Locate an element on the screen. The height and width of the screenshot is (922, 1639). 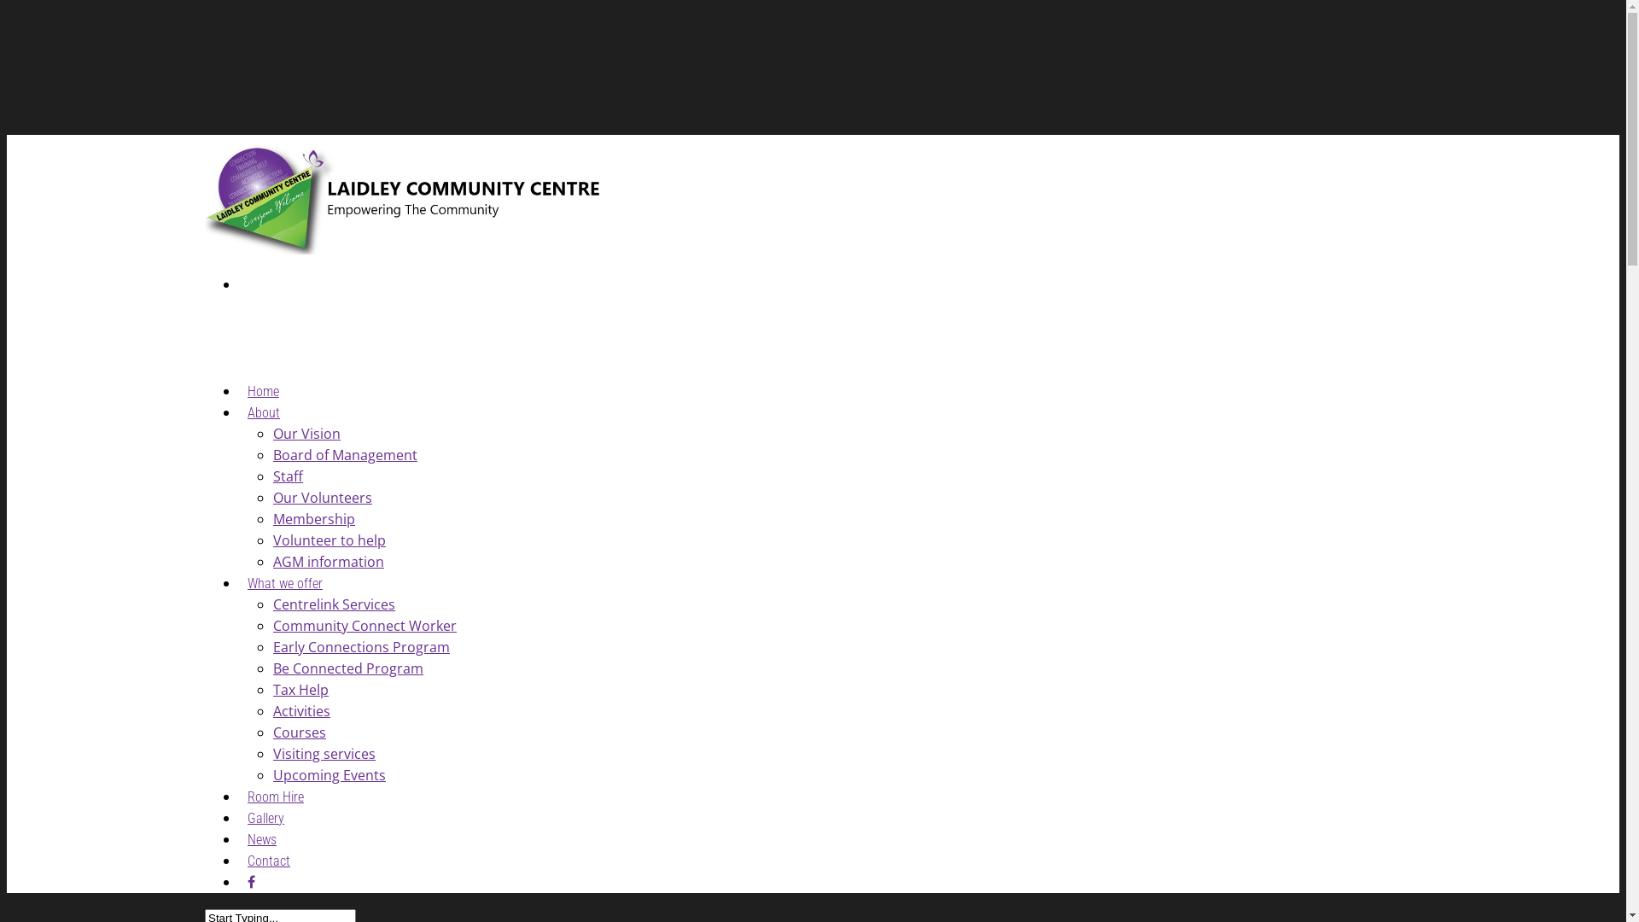
'What we offer' is located at coordinates (237, 586).